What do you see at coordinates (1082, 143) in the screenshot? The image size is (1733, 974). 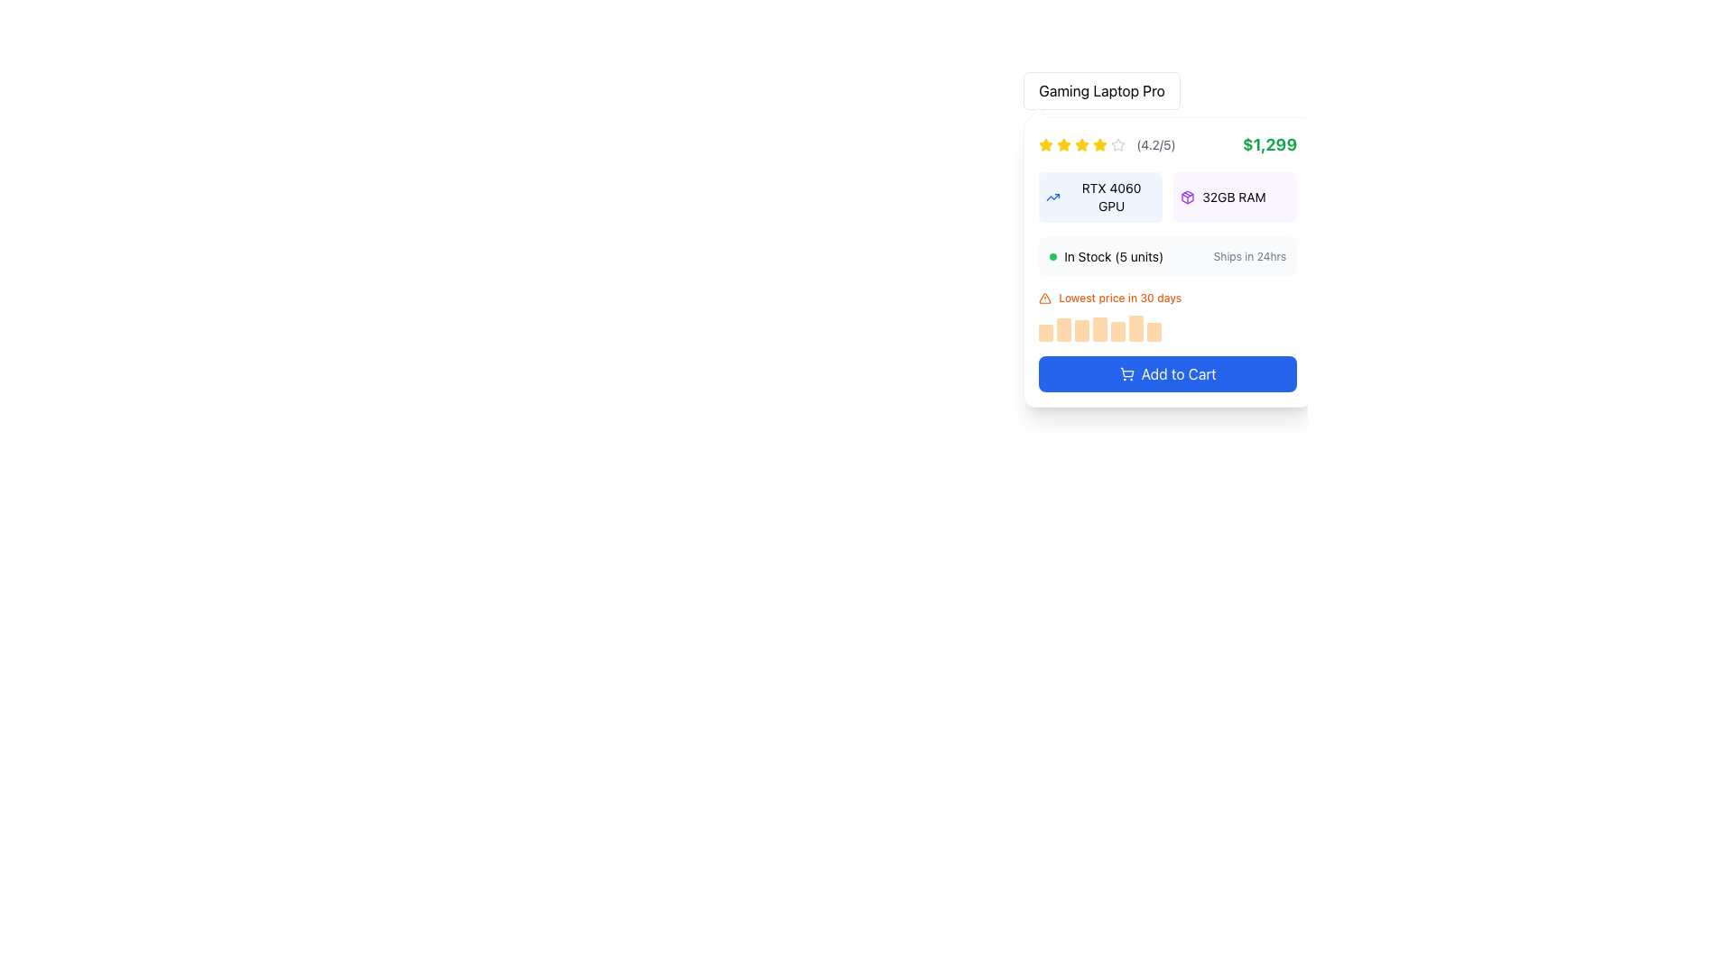 I see `the third yellow star icon in the horizontal rating system above the product details section` at bounding box center [1082, 143].